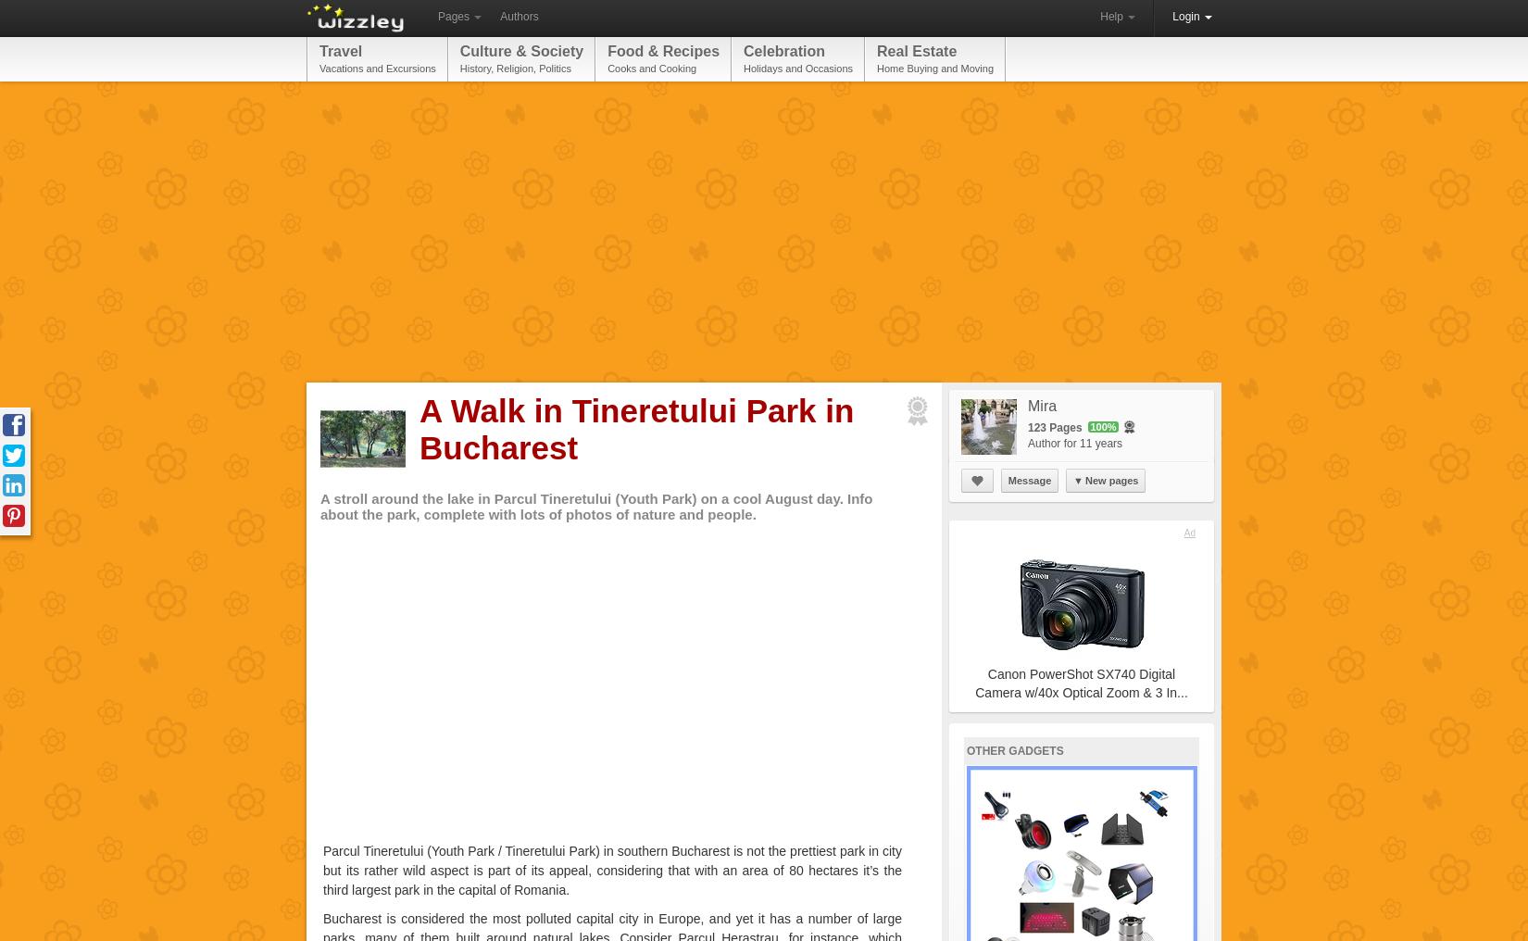  I want to click on '20', so click(1058, 783).